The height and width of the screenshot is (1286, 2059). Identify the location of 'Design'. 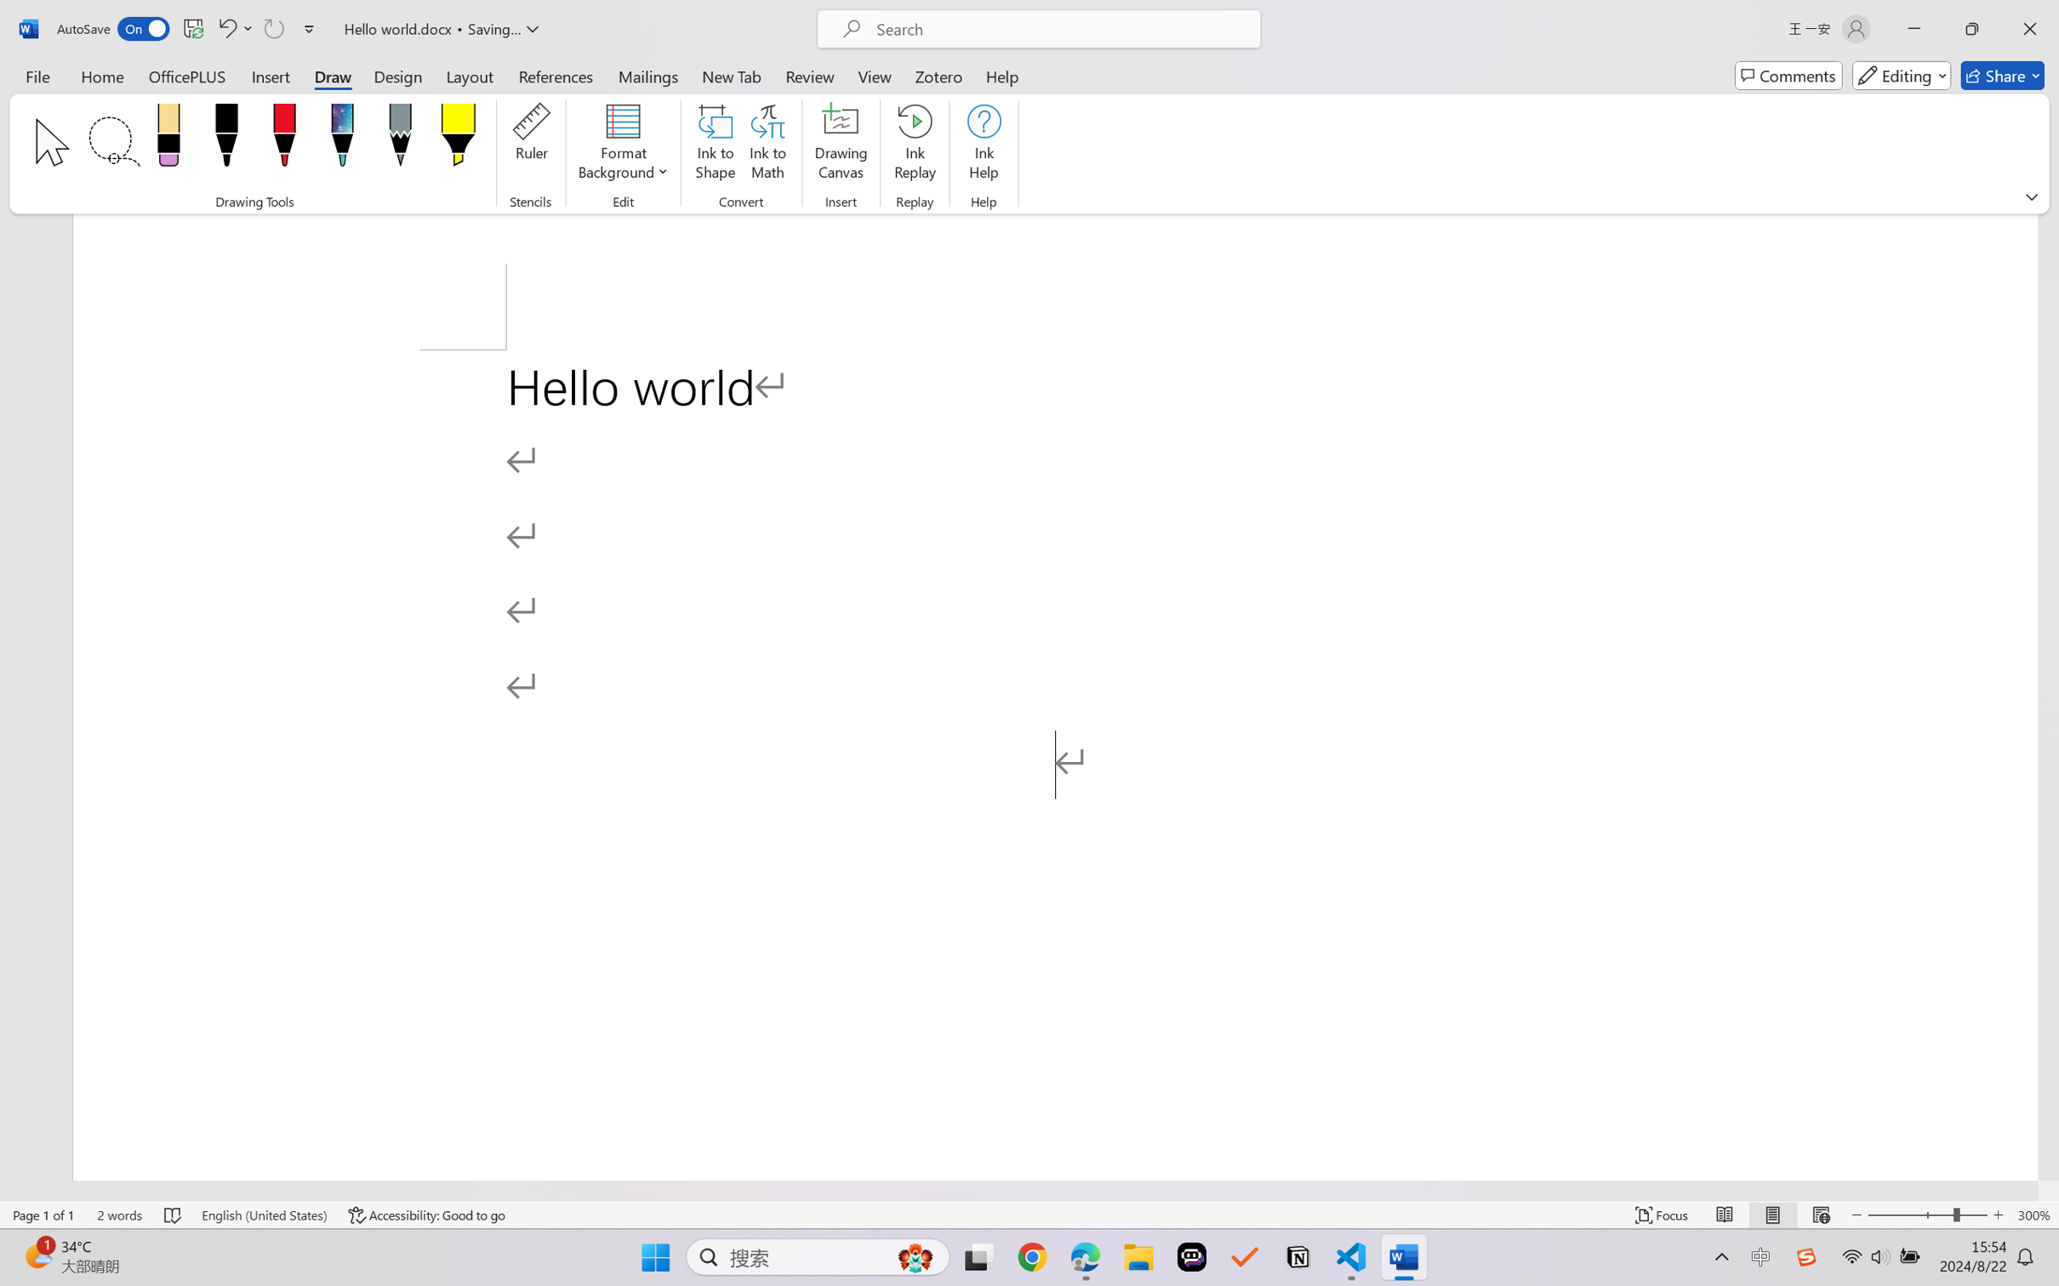
(397, 75).